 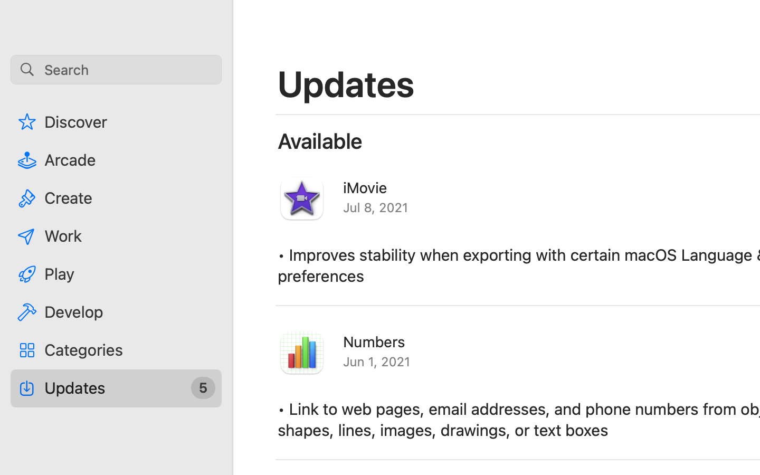 What do you see at coordinates (376, 360) in the screenshot?
I see `'Jun 1, 2021'` at bounding box center [376, 360].